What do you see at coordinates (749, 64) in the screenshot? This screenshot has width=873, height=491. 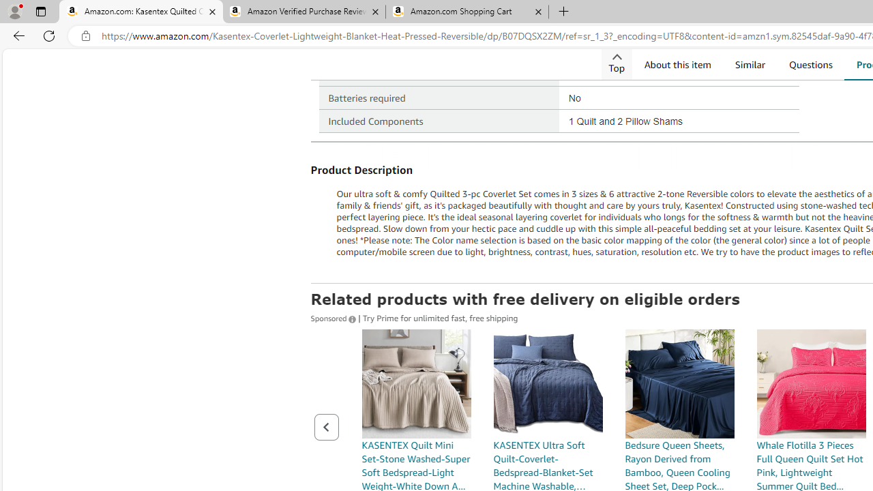 I see `'Similar'` at bounding box center [749, 64].